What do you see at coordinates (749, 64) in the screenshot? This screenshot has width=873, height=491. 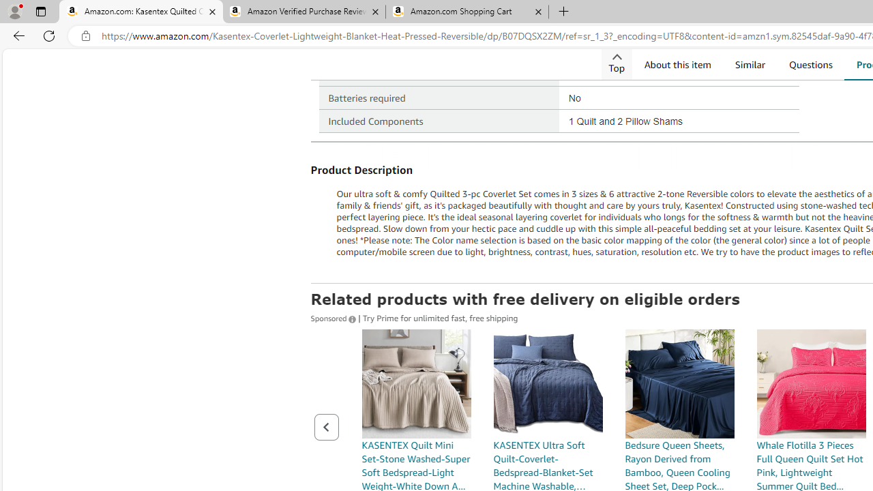 I see `'Similar'` at bounding box center [749, 64].